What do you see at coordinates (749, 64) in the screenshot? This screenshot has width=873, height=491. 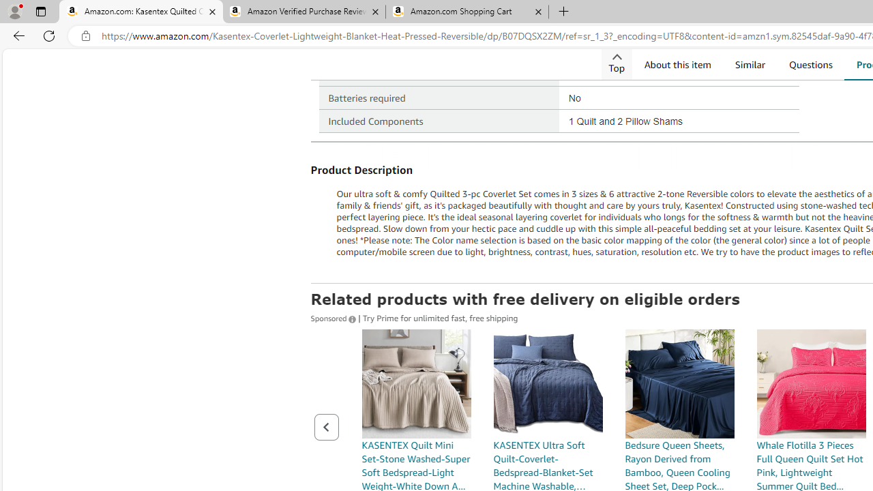 I see `'Similar'` at bounding box center [749, 64].